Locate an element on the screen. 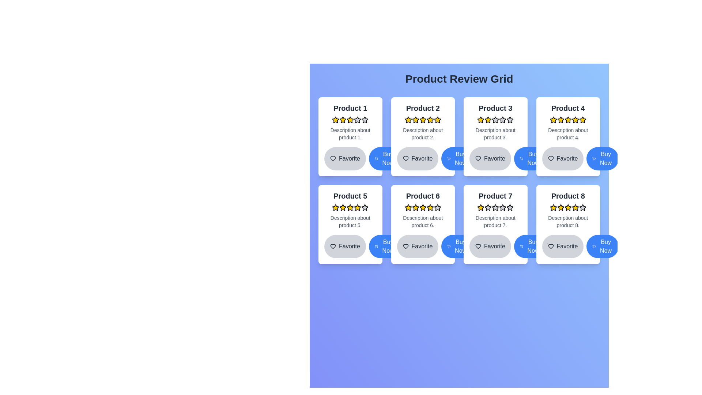  the fourth star icon in the rating system for 'Product 5' using assistive devices is located at coordinates (358, 207).